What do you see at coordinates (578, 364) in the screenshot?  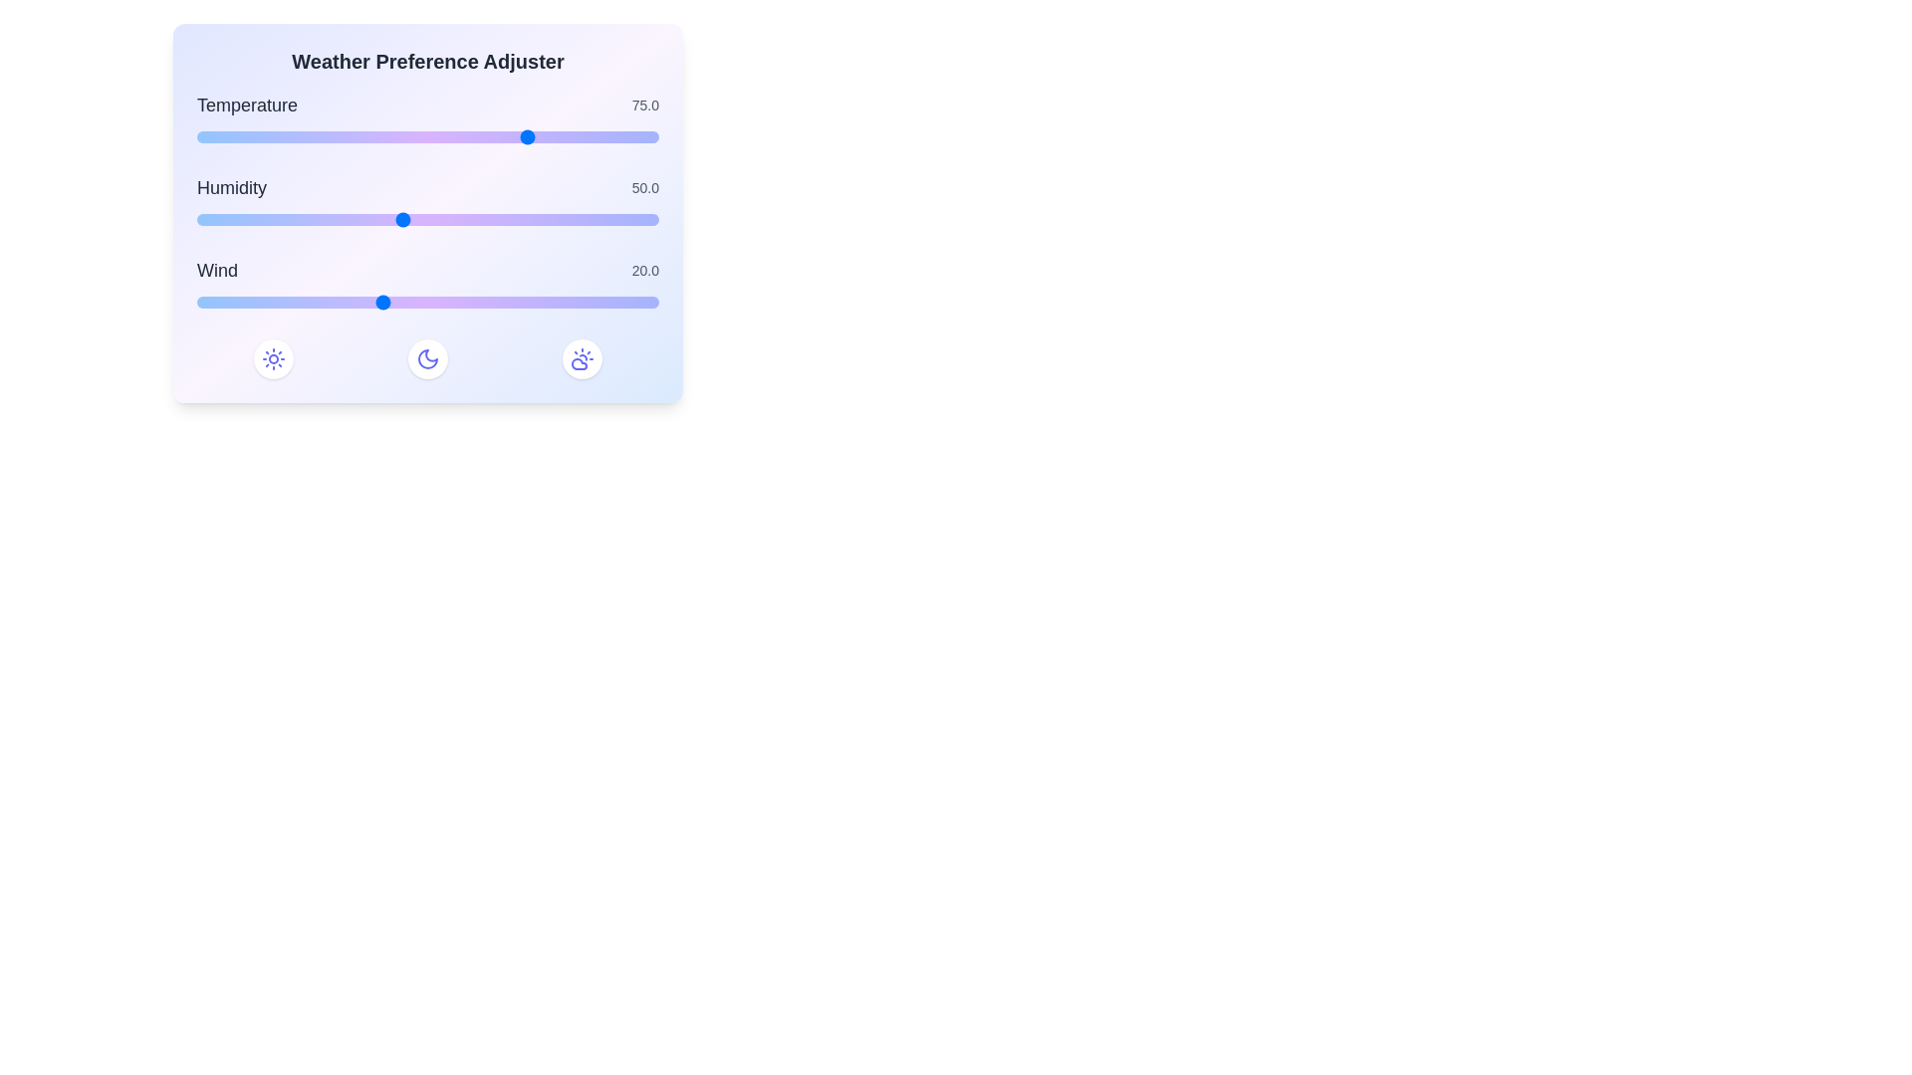 I see `the cloud icon with a circular sun, located in the bottom row of weather-themed icons, specifically the third icon from the left` at bounding box center [578, 364].